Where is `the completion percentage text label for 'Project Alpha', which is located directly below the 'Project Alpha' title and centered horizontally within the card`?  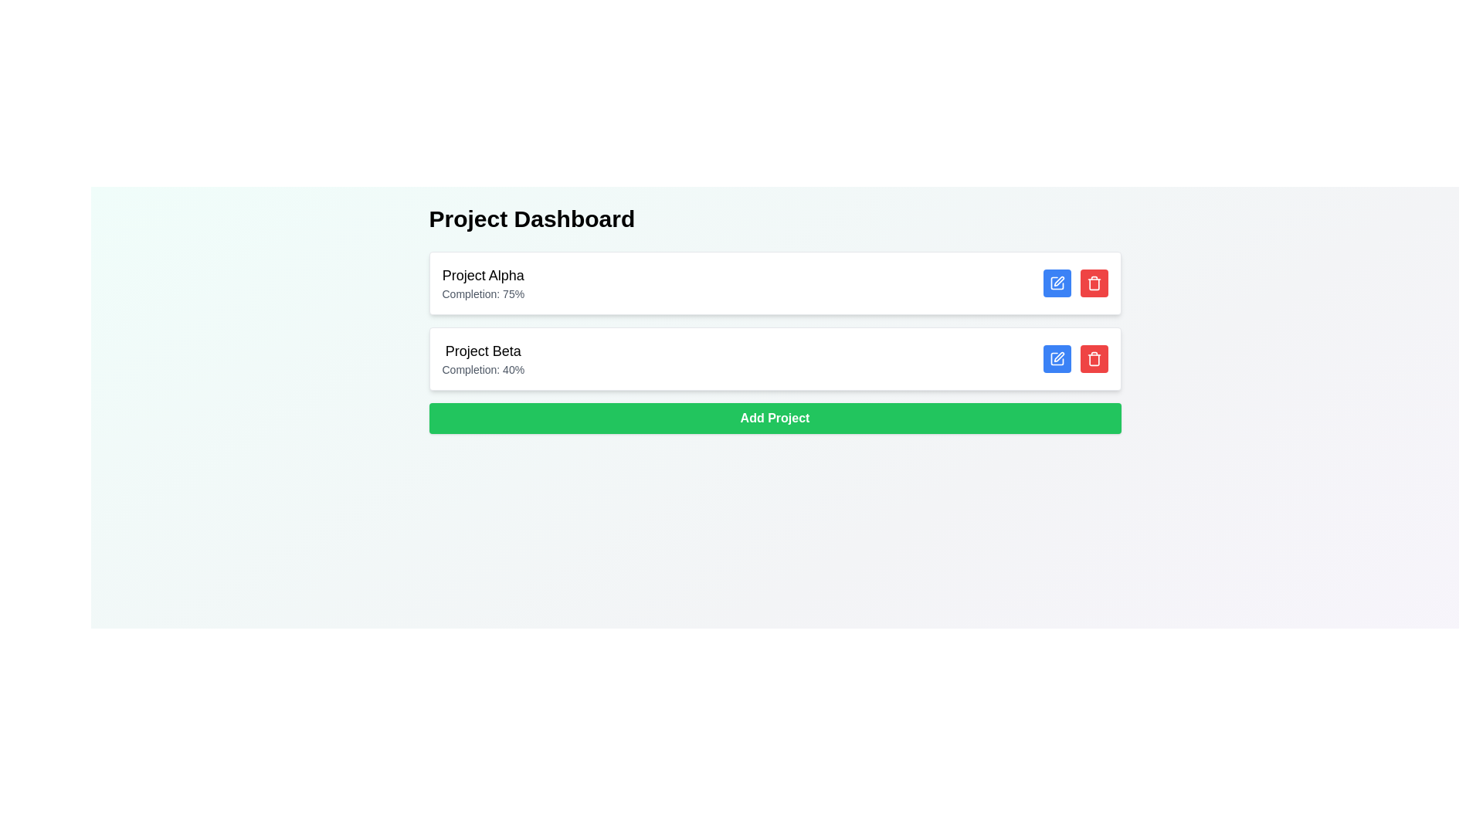
the completion percentage text label for 'Project Alpha', which is located directly below the 'Project Alpha' title and centered horizontally within the card is located at coordinates (482, 294).